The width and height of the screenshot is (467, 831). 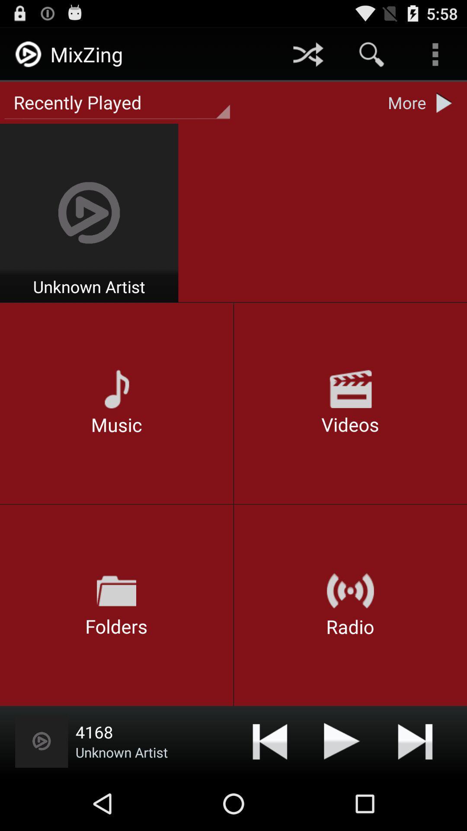 What do you see at coordinates (415, 741) in the screenshot?
I see `next option` at bounding box center [415, 741].